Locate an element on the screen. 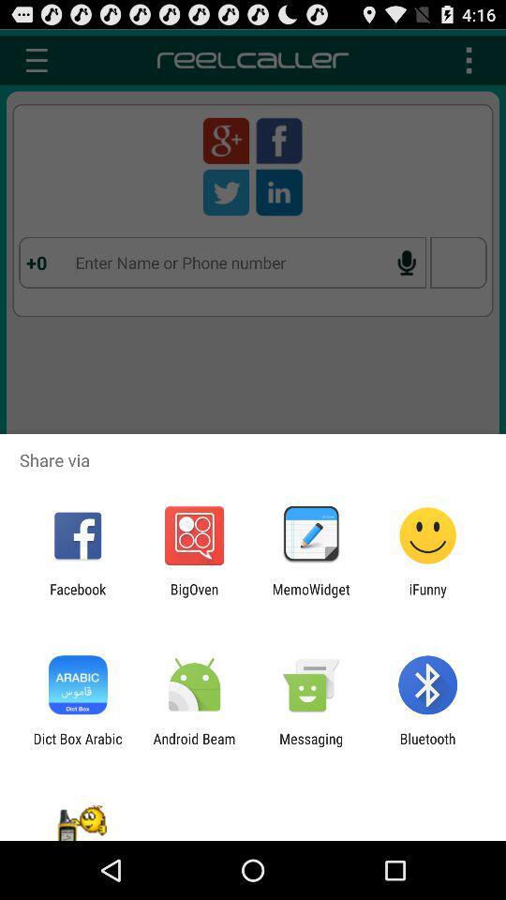 Image resolution: width=506 pixels, height=900 pixels. dict box arabic is located at coordinates (77, 746).